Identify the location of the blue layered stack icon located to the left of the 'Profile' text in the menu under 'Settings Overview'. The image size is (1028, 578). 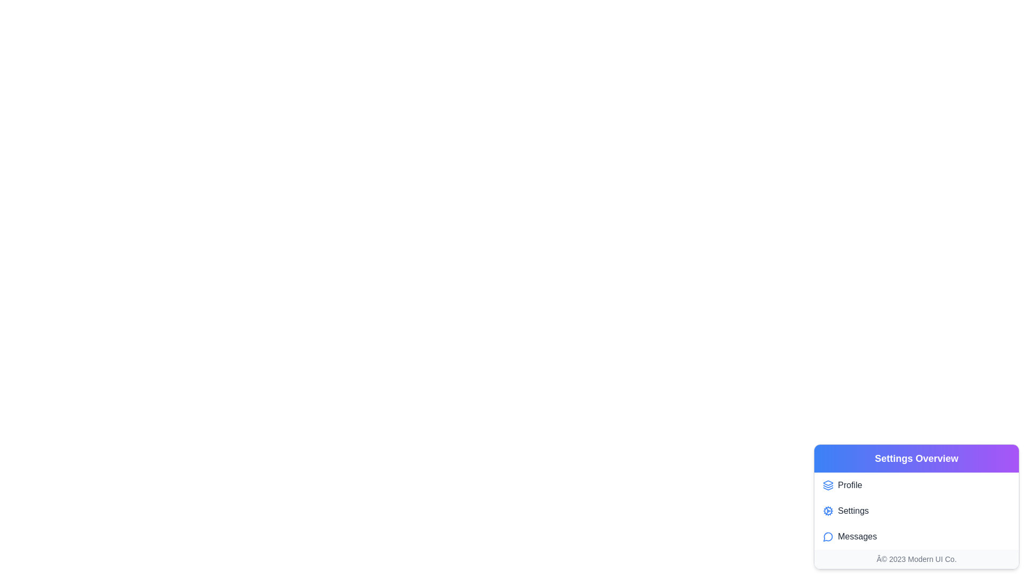
(827, 485).